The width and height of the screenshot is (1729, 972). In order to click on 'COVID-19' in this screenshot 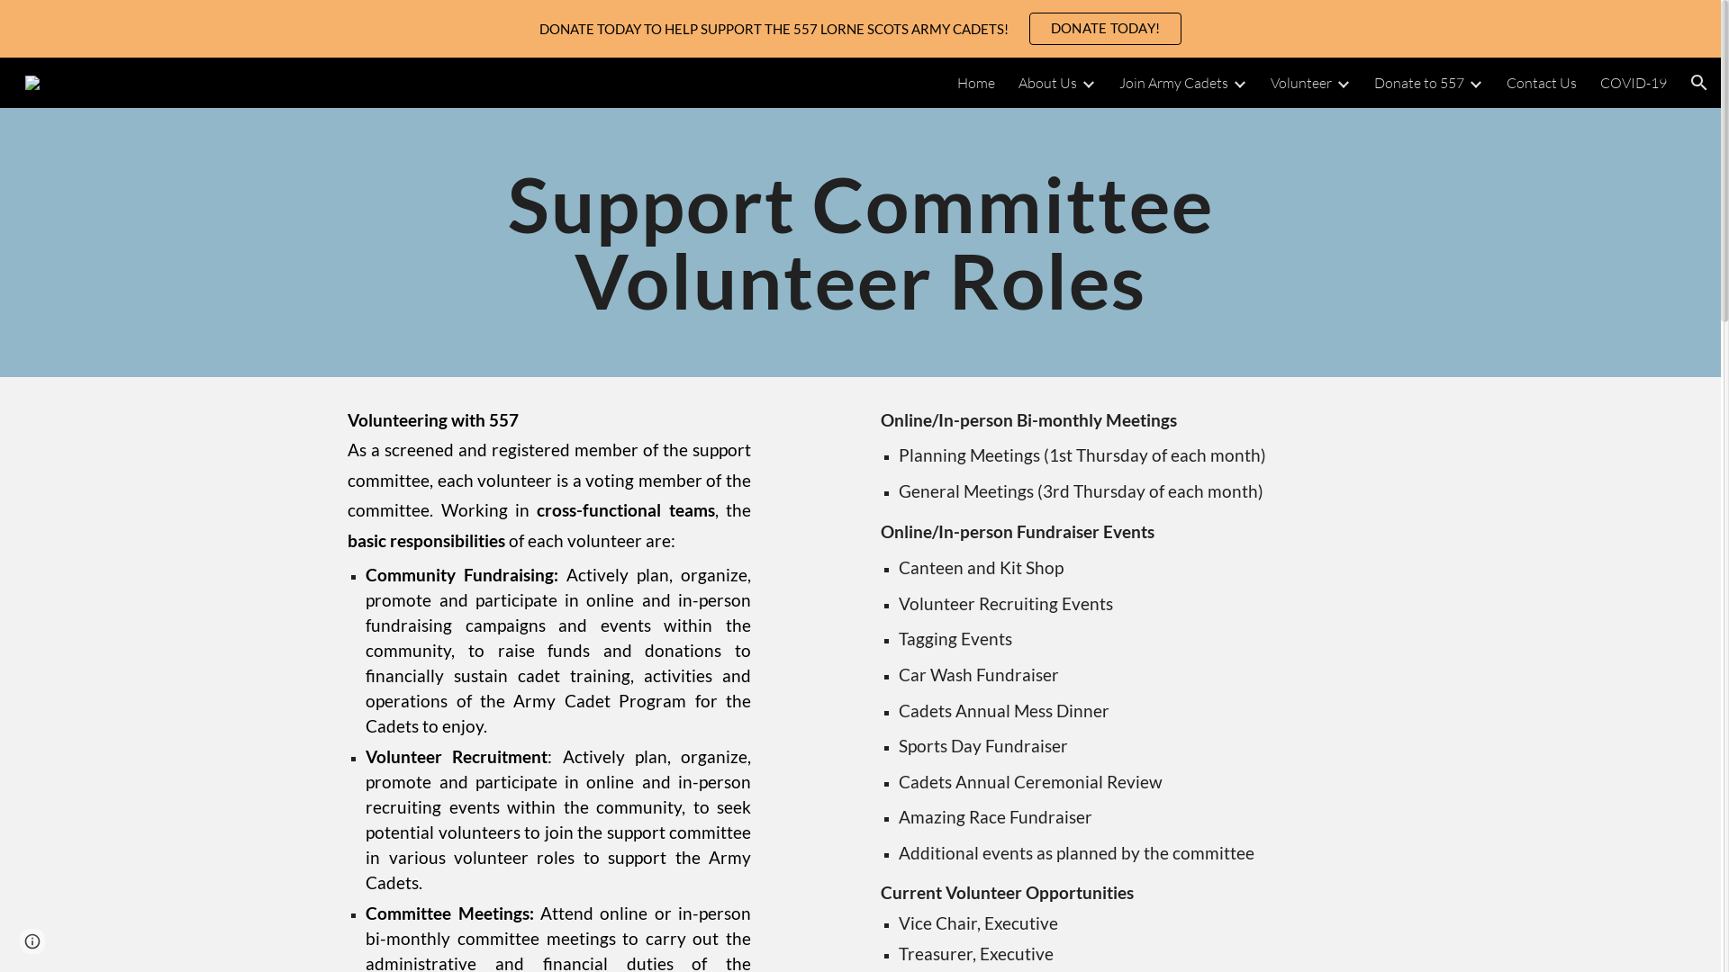, I will do `click(1634, 83)`.